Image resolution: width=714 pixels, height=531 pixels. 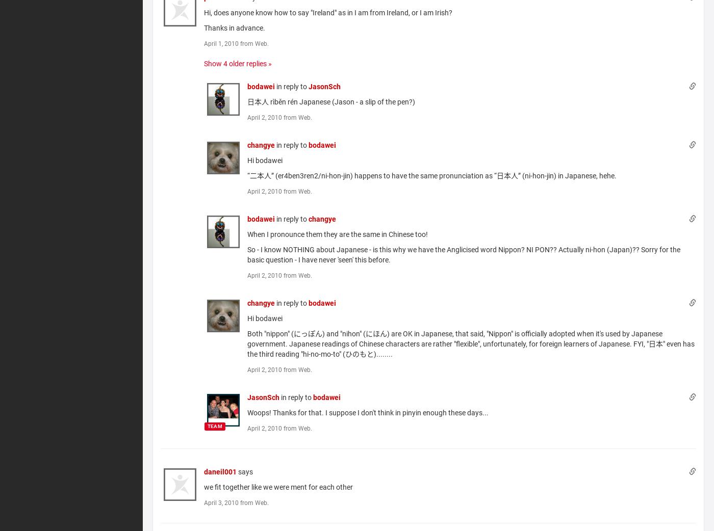 I want to click on 'Hi bodawei', so click(x=247, y=317).